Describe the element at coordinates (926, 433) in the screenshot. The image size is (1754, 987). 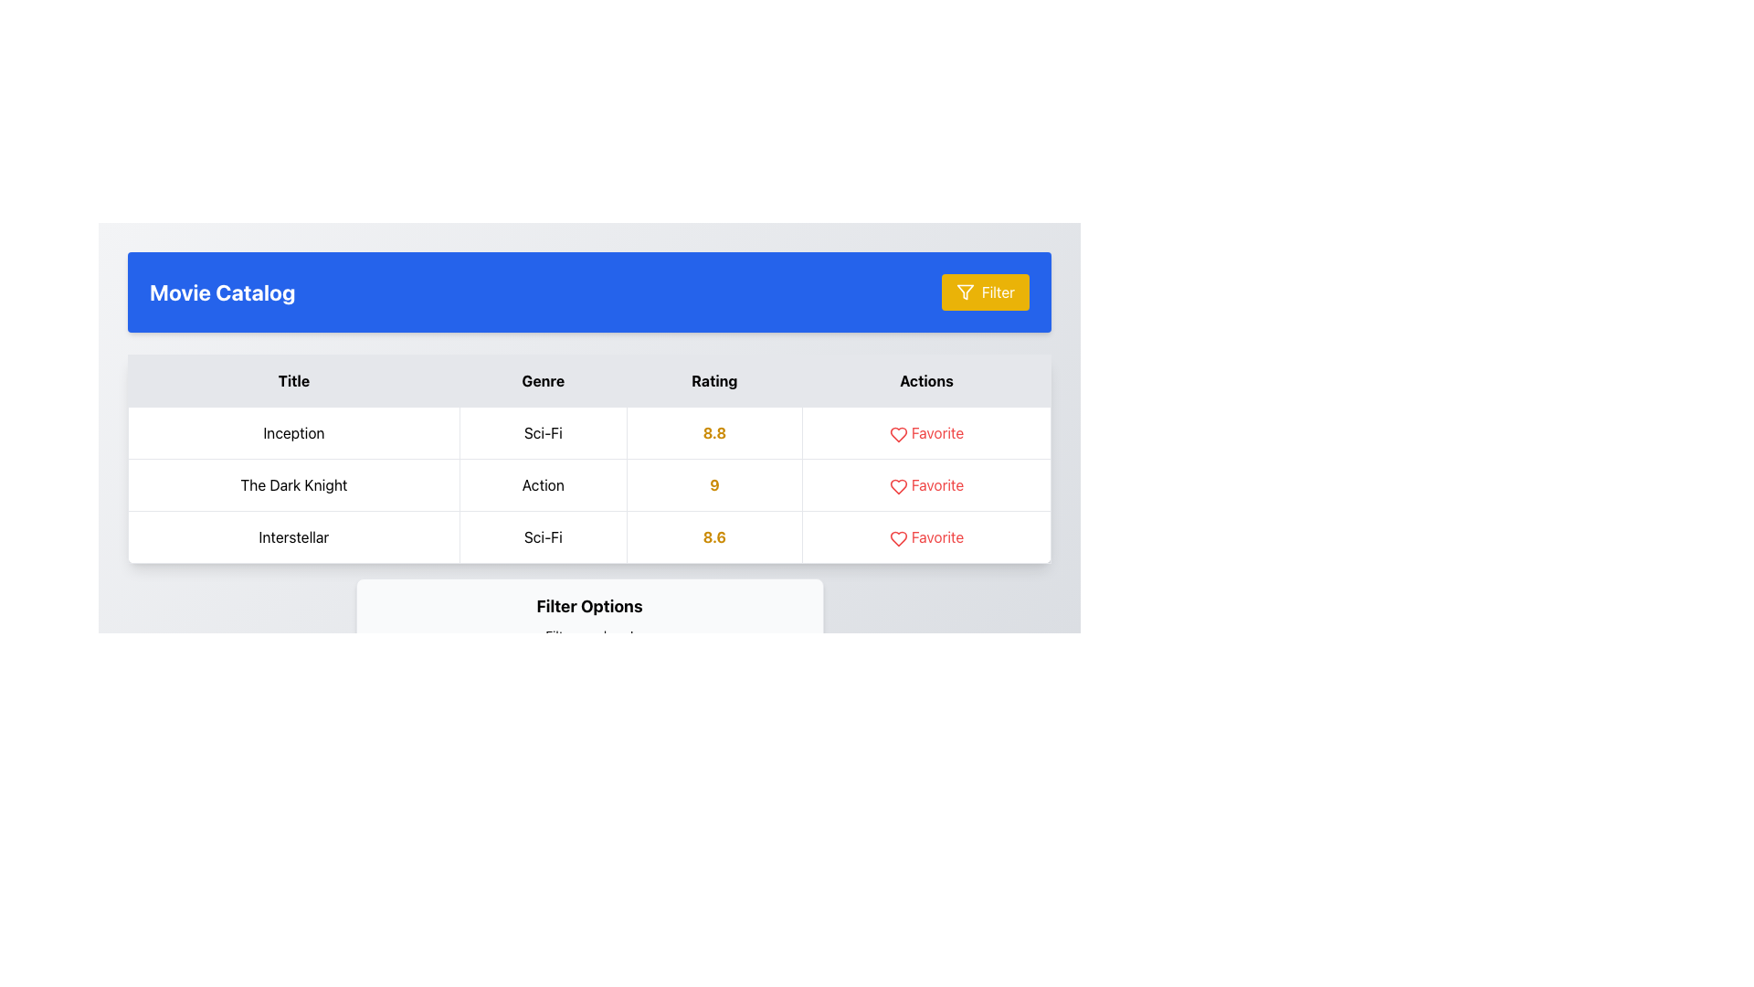
I see `the 'Favorite' text label adjacent to the heart icon to underline it` at that location.